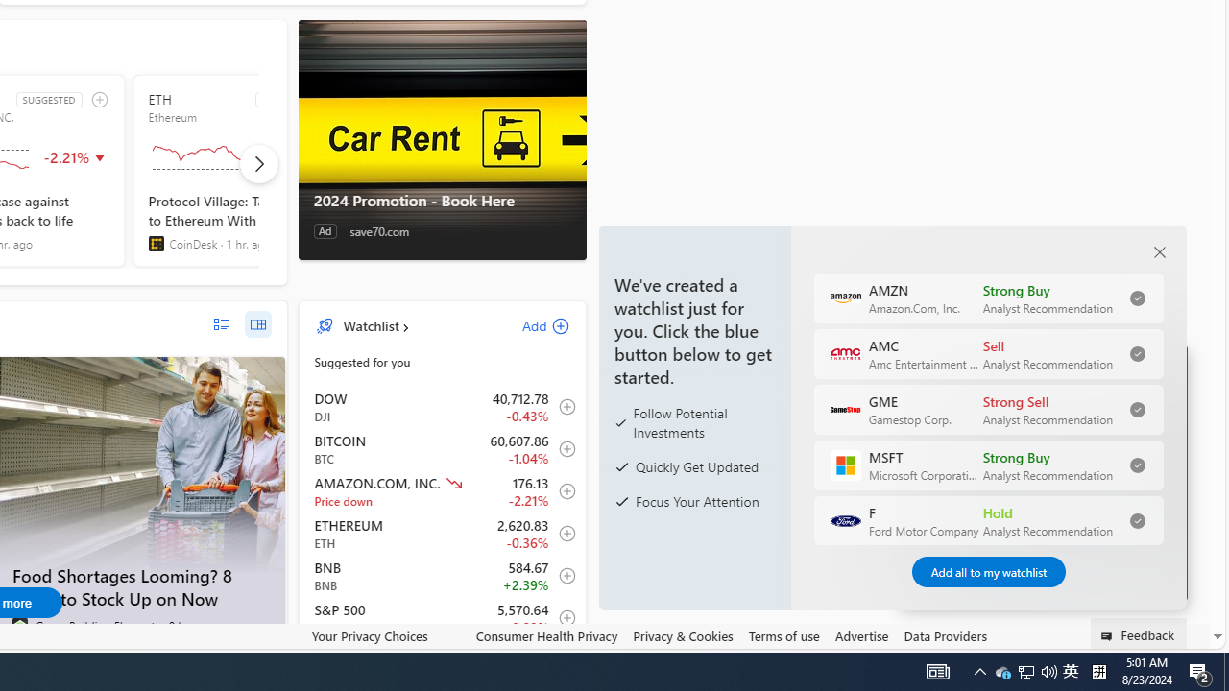  What do you see at coordinates (783, 636) in the screenshot?
I see `'Terms of use'` at bounding box center [783, 636].